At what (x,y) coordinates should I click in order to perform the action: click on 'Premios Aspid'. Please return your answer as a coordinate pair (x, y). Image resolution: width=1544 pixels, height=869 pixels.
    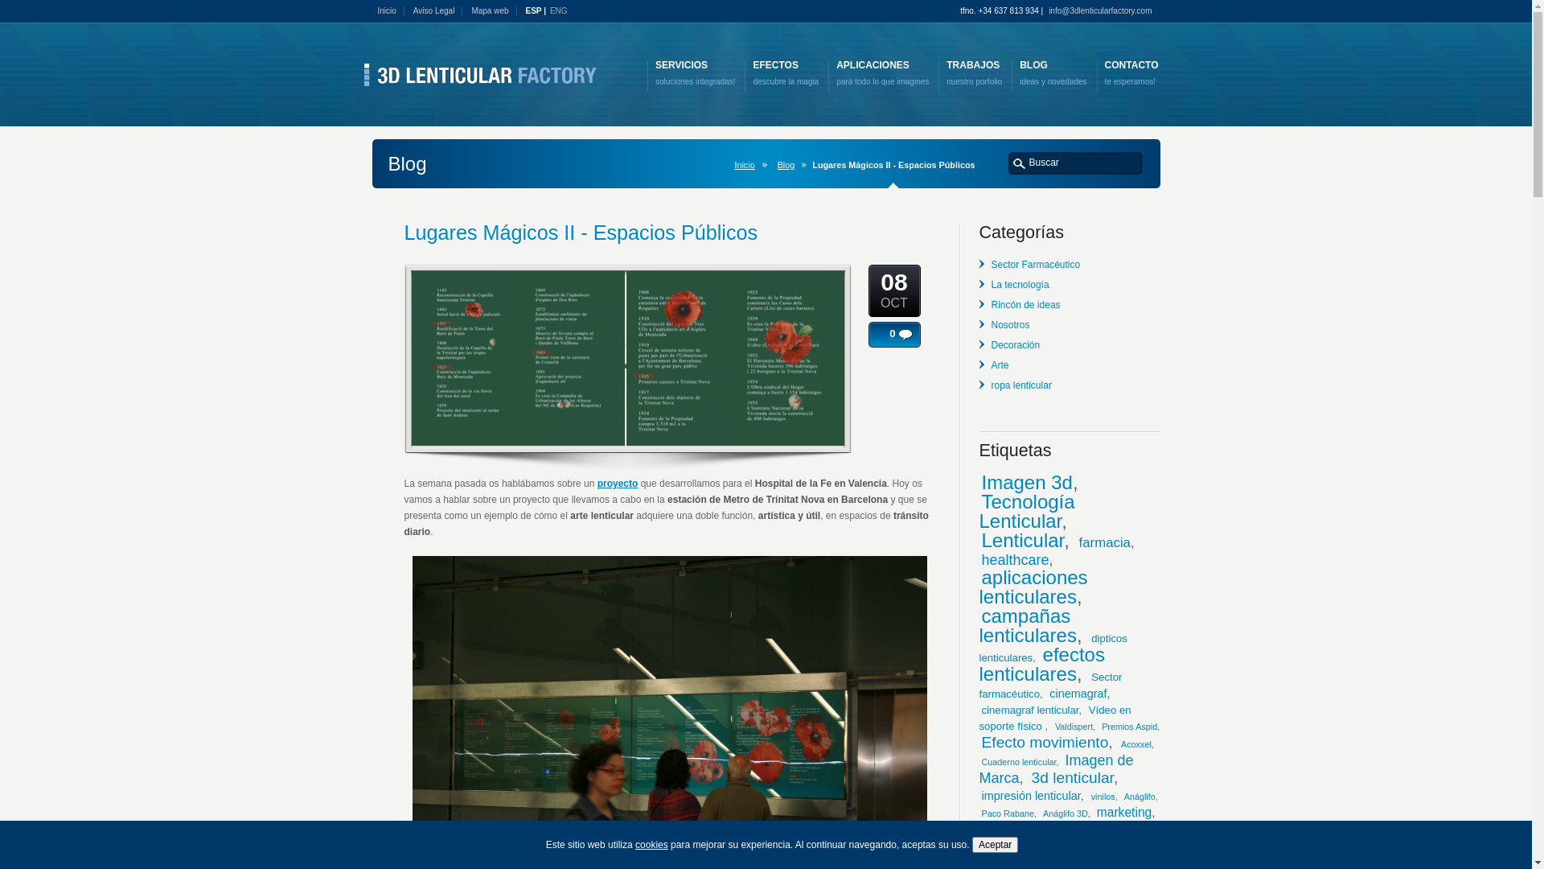
    Looking at the image, I should click on (1128, 726).